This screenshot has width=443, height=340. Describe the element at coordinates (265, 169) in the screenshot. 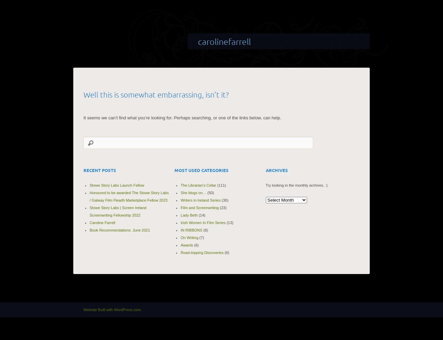

I see `'Archives'` at that location.